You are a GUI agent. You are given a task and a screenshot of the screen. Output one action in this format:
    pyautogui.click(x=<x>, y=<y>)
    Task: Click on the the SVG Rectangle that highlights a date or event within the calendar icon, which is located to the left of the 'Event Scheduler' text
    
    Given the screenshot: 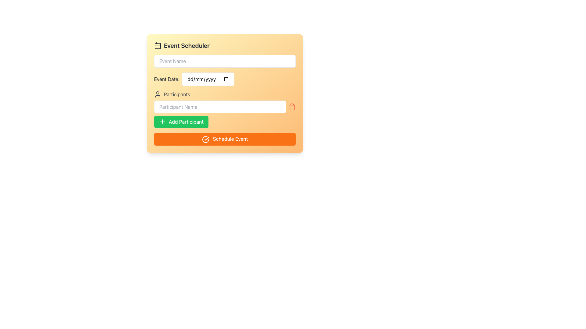 What is the action you would take?
    pyautogui.click(x=158, y=45)
    